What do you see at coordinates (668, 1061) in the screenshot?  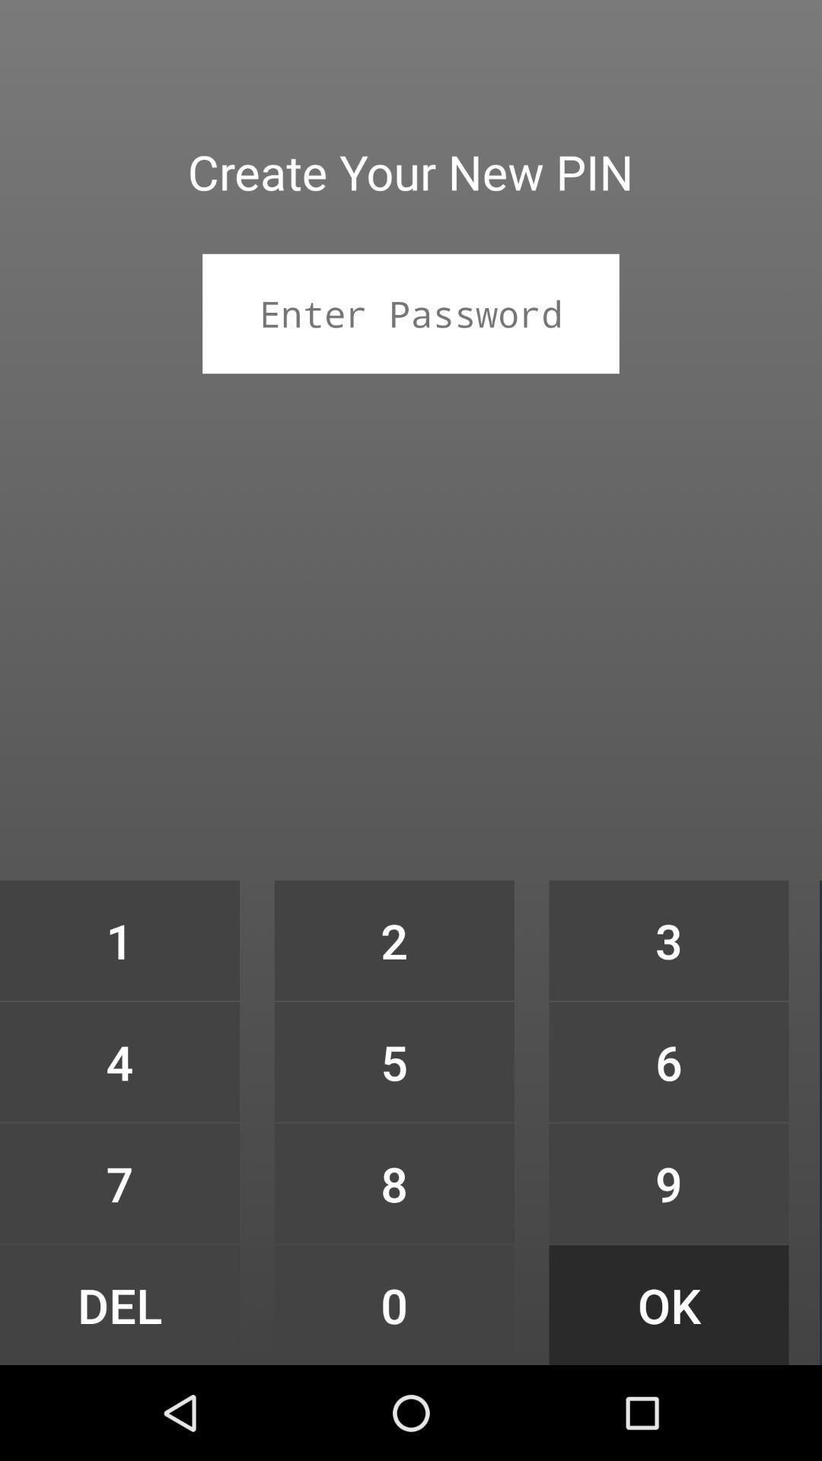 I see `icon above 9 icon` at bounding box center [668, 1061].